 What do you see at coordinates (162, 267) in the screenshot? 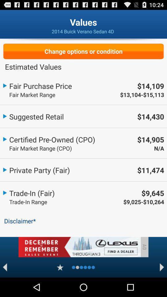
I see `next page` at bounding box center [162, 267].